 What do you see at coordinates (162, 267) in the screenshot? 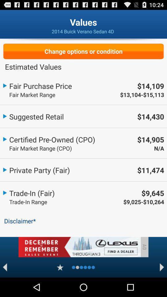
I see `next page` at bounding box center [162, 267].